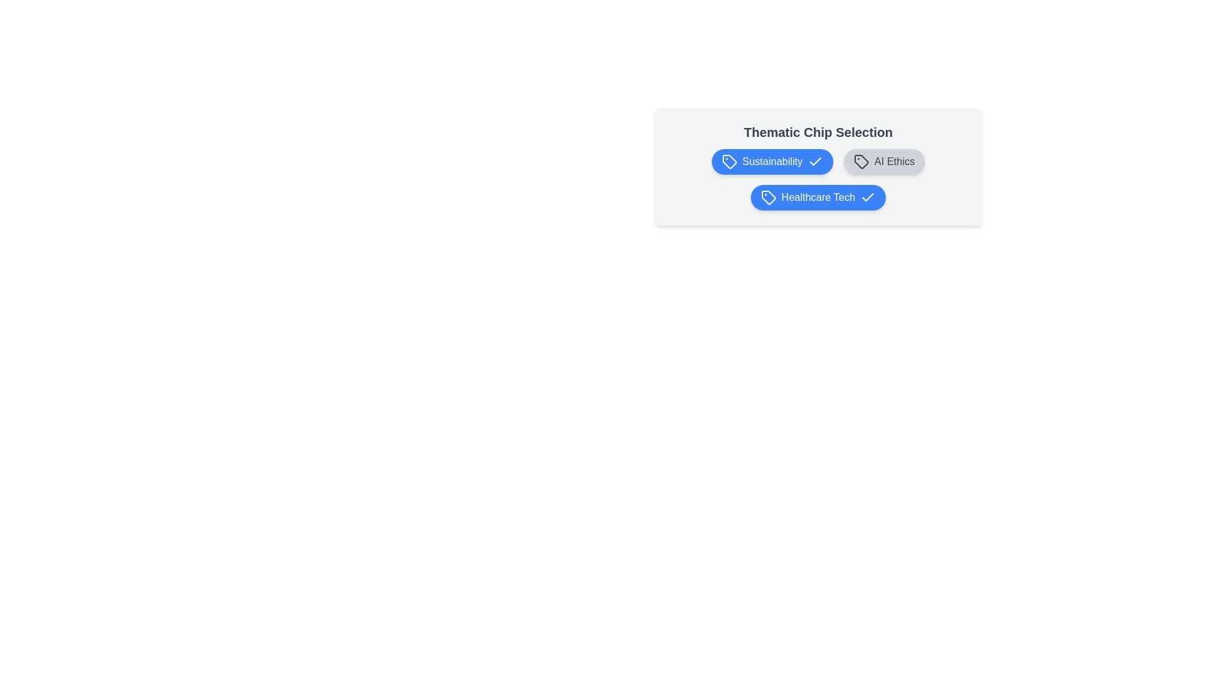 The width and height of the screenshot is (1229, 691). I want to click on the chip labeled Healthcare Tech, so click(817, 197).